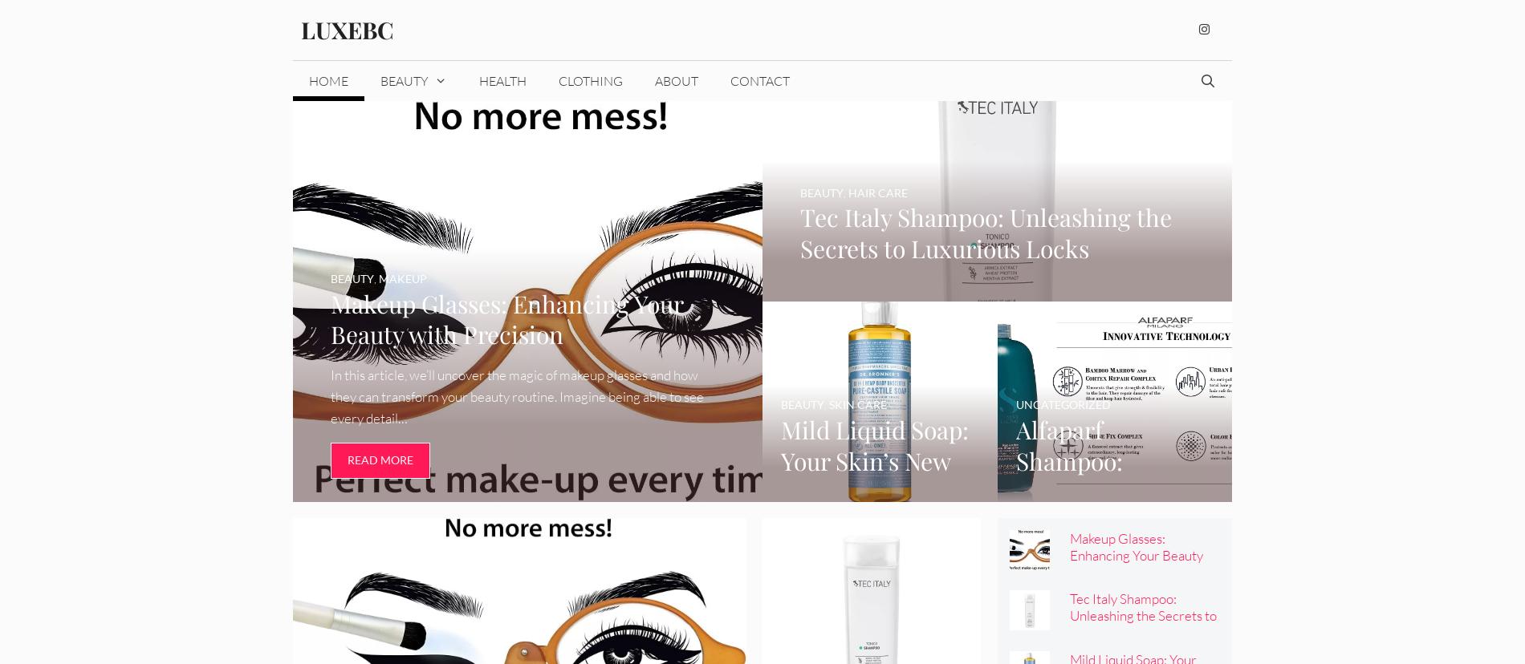 This screenshot has height=664, width=1525. I want to click on 'Read More', so click(346, 460).